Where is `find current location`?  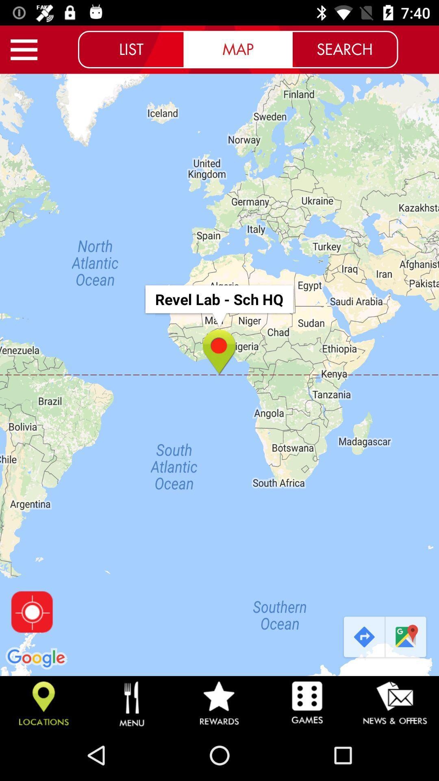
find current location is located at coordinates (31, 612).